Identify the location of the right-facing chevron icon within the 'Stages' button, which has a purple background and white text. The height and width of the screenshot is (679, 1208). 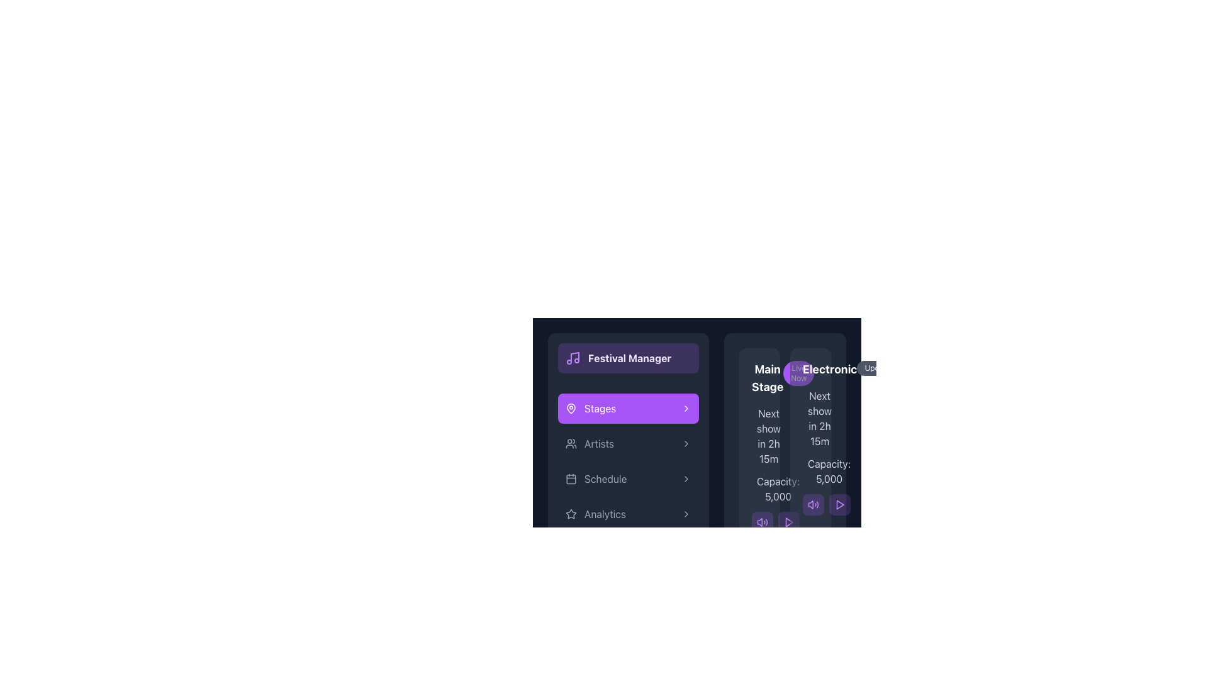
(685, 409).